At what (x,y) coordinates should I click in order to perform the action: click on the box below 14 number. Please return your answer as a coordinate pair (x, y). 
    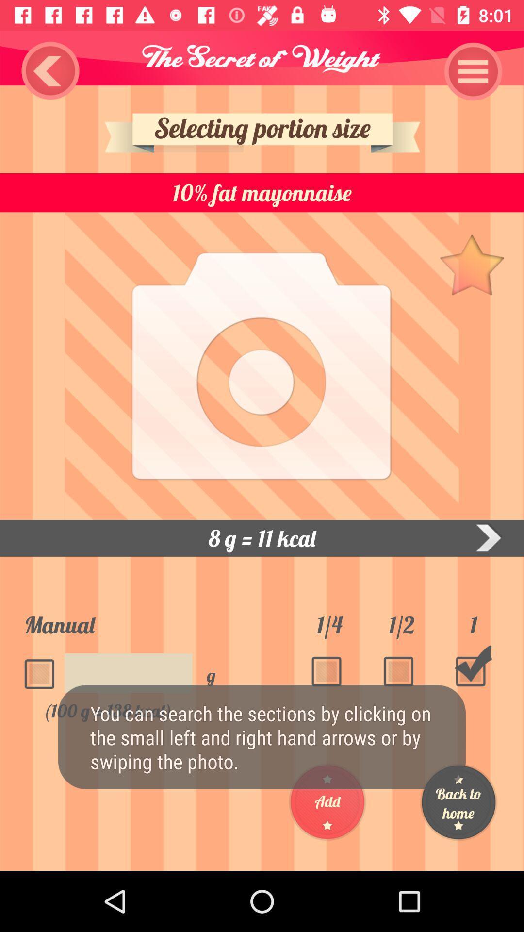
    Looking at the image, I should click on (329, 666).